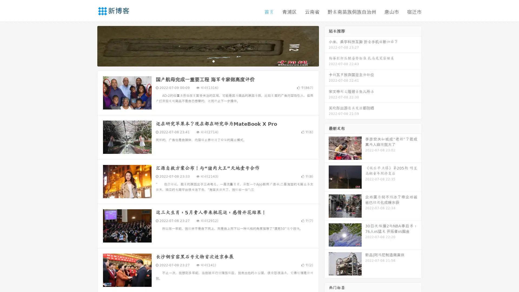  I want to click on Go to slide 3, so click(213, 61).